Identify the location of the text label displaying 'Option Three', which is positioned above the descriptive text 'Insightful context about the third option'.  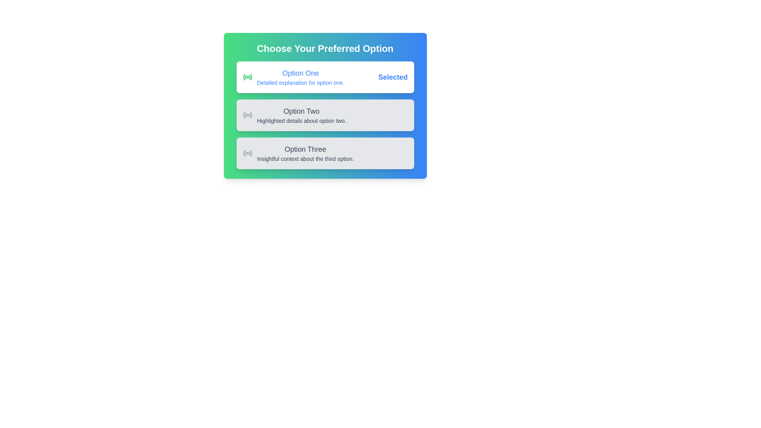
(305, 149).